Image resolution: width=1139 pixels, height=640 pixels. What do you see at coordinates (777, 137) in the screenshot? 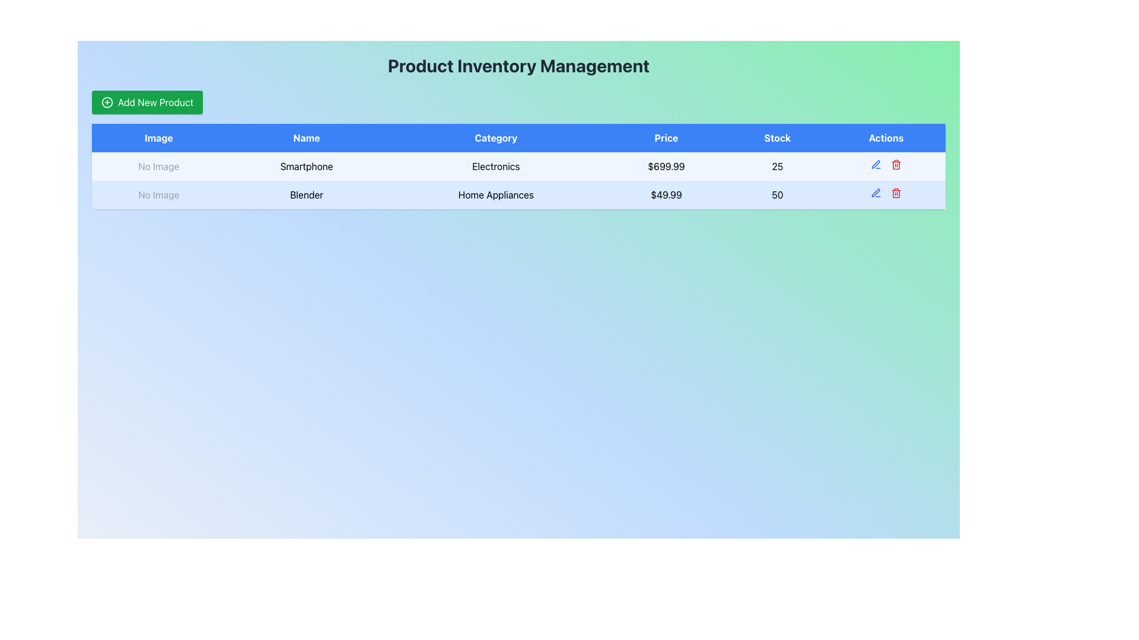
I see `the Table Header Cell labeled 'Stock', which is the fifth column header in a table with a blue background and bold white text` at bounding box center [777, 137].